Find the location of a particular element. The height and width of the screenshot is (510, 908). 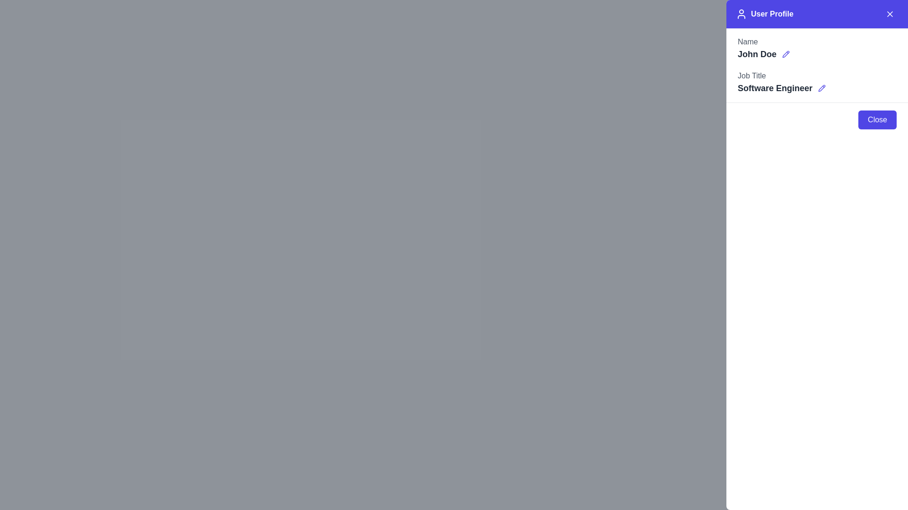

the text label displaying the user's job title, located below the 'Job Title' label in the user profile section on the right-hand side panel is located at coordinates (775, 88).